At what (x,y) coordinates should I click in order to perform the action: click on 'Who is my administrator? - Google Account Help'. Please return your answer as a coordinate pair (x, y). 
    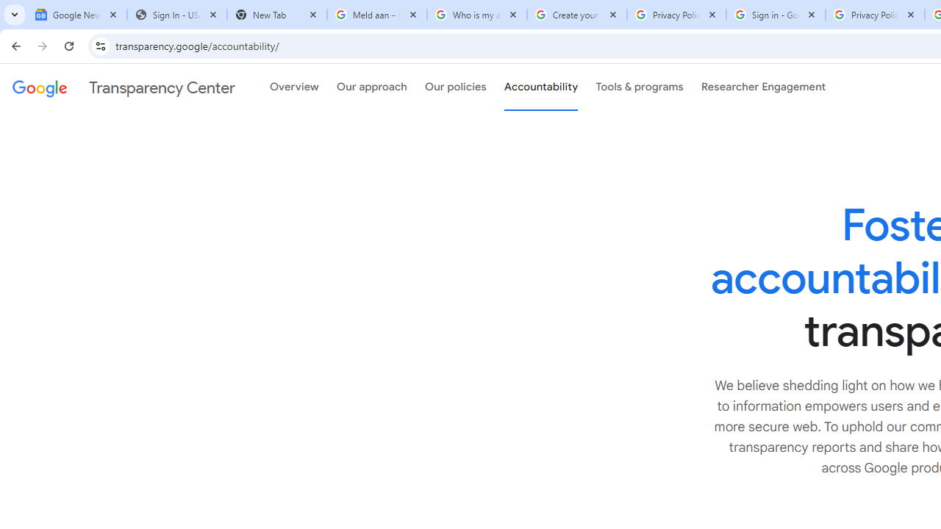
    Looking at the image, I should click on (476, 15).